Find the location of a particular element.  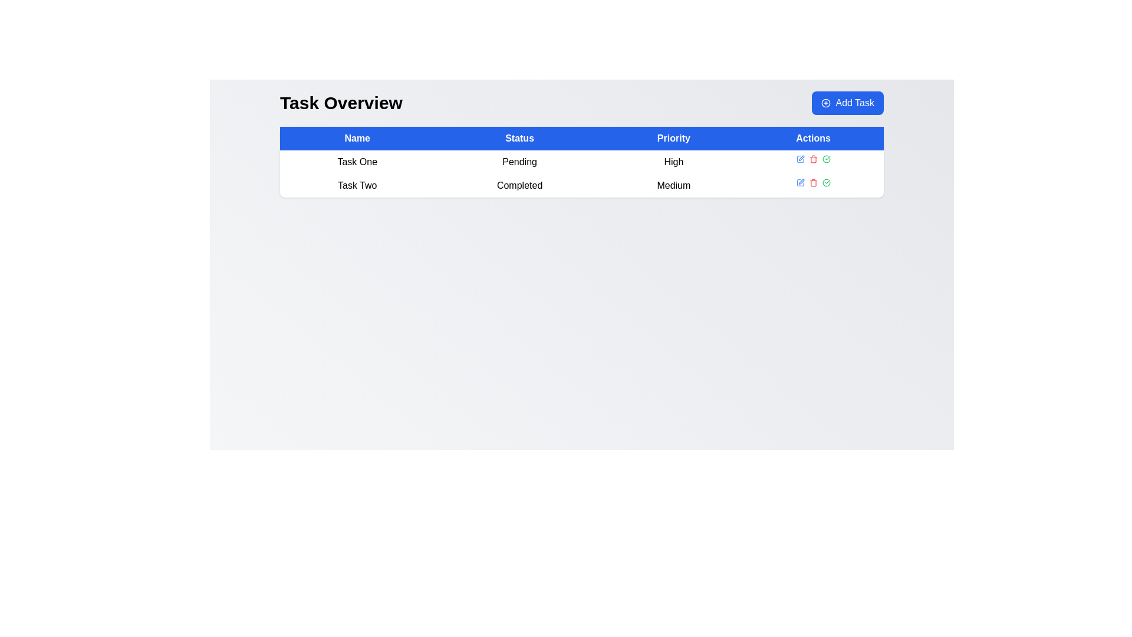

the 'Name' label in the first row of the table is located at coordinates (357, 162).